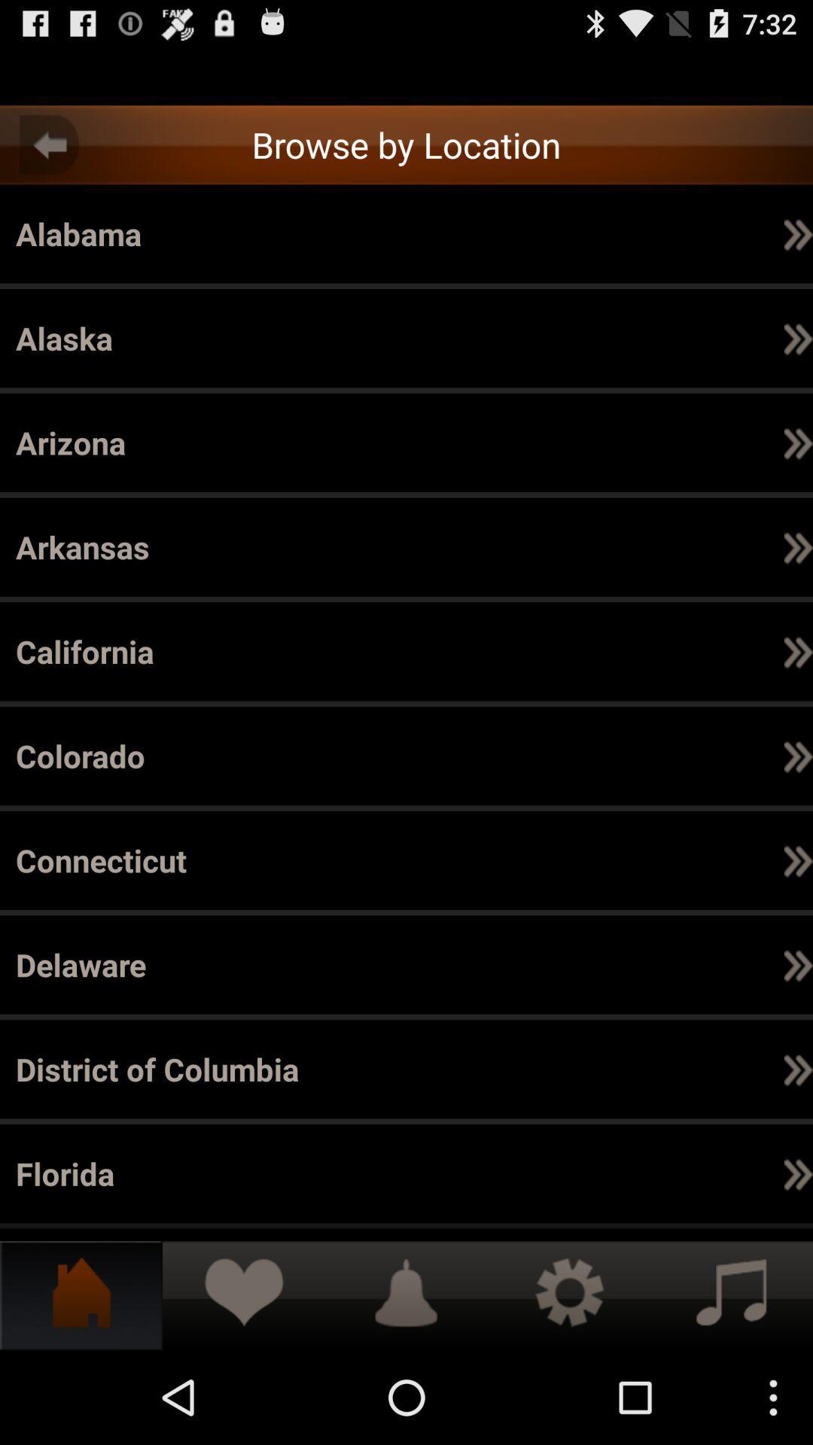  What do you see at coordinates (653, 546) in the screenshot?
I see `app below the   amador app` at bounding box center [653, 546].